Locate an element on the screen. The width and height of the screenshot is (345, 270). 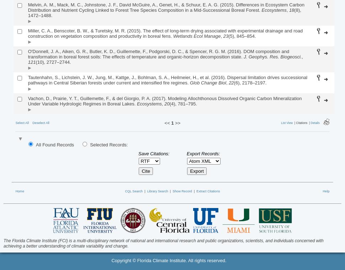
'The Florida Climate Institute (FCI) is a multi-disciplinary network of national and international research and public organizations, scientists, and individuals concerned with achieving a better understanding of climate variability and change.' is located at coordinates (163, 243).